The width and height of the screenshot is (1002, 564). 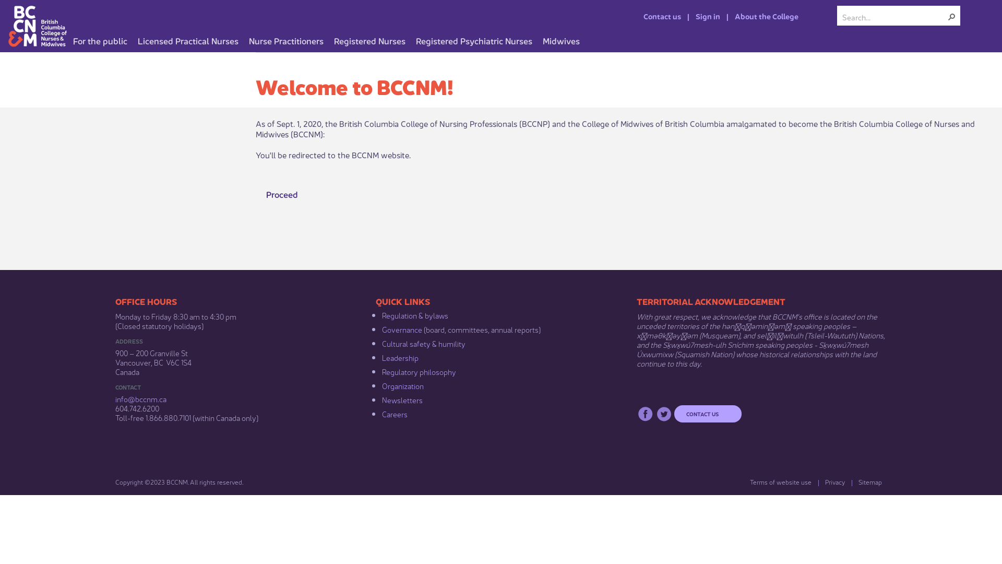 What do you see at coordinates (414, 314) in the screenshot?
I see `'Regulation & bylaws'` at bounding box center [414, 314].